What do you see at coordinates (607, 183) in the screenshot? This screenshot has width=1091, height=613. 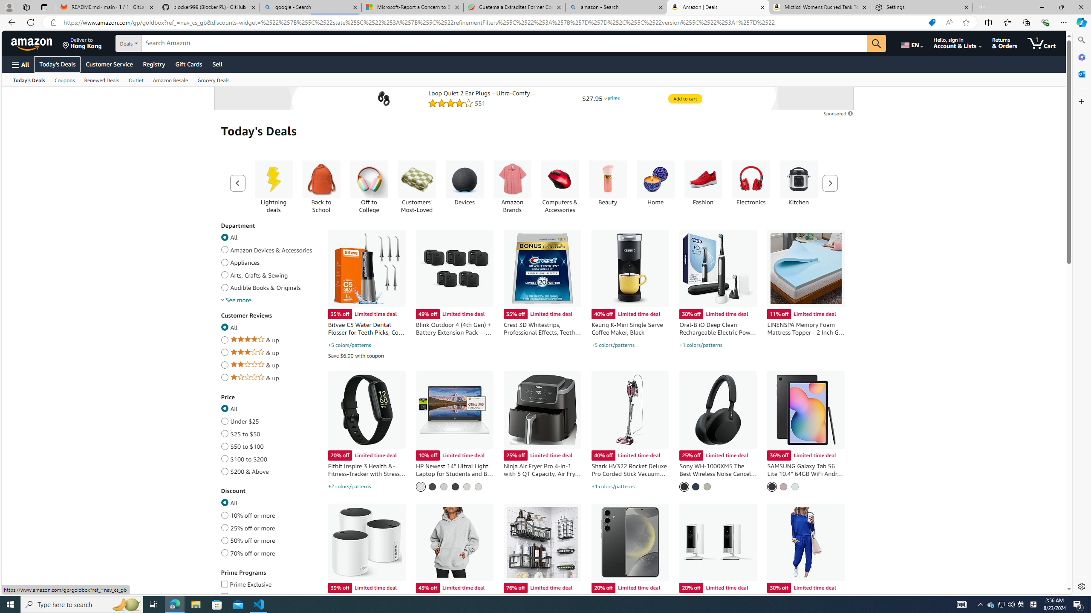 I see `'Beauty Beauty'` at bounding box center [607, 183].